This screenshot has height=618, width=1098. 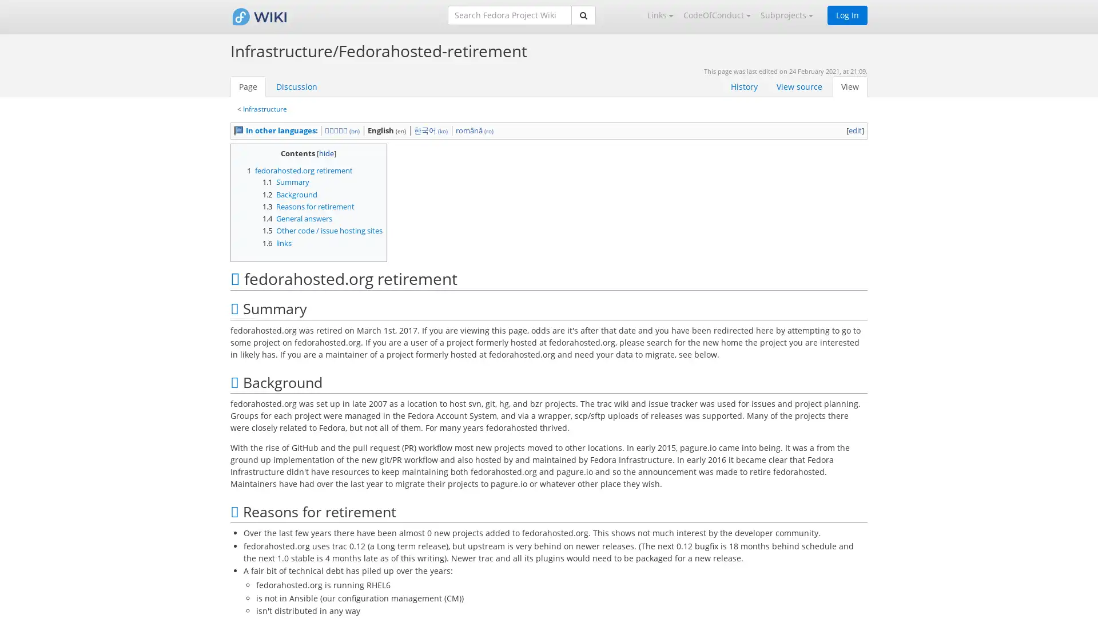 I want to click on Links, so click(x=661, y=15).